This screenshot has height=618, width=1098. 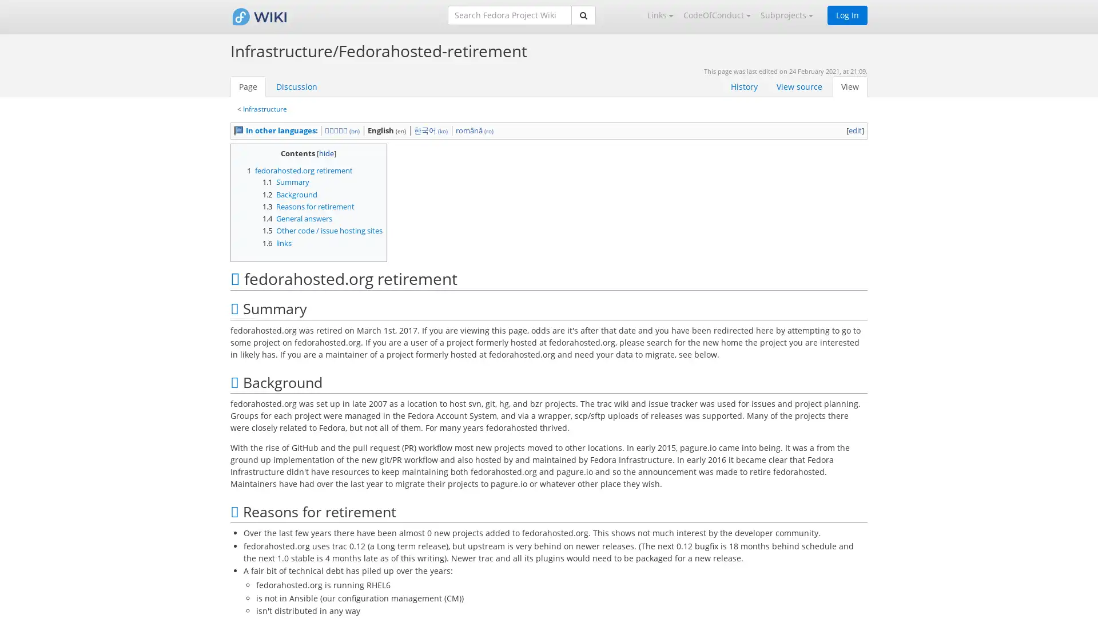 I want to click on Links, so click(x=661, y=15).